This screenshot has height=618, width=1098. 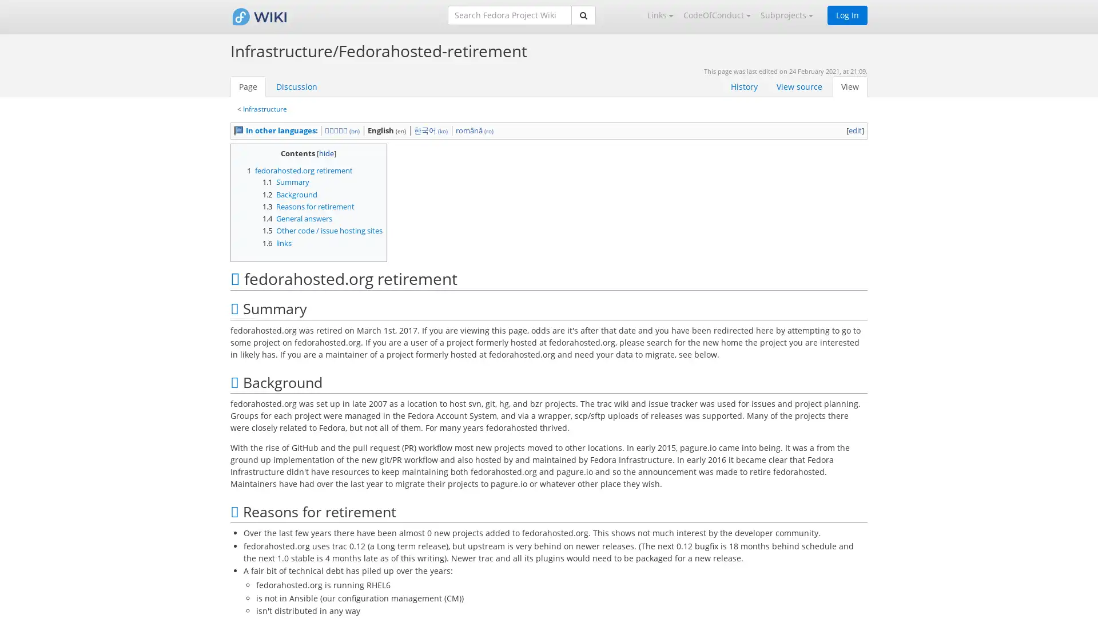 I want to click on Links, so click(x=661, y=15).